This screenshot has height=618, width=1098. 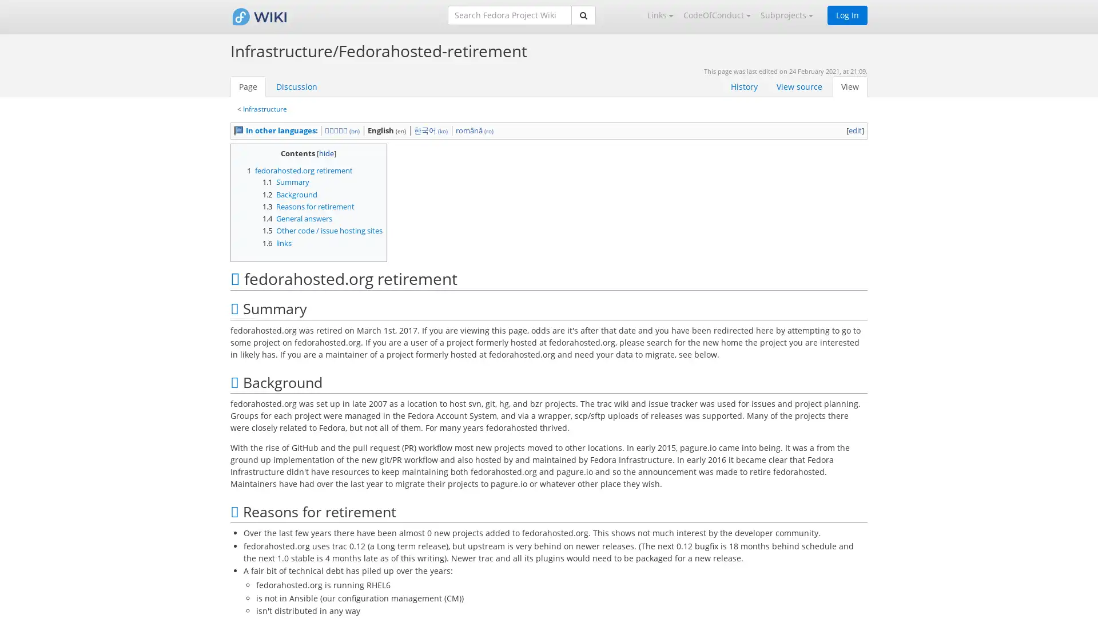 I want to click on Links, so click(x=661, y=15).